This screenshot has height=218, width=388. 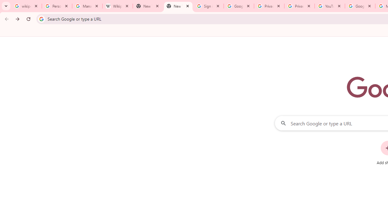 What do you see at coordinates (239, 6) in the screenshot?
I see `'Google Drive: Sign-in'` at bounding box center [239, 6].